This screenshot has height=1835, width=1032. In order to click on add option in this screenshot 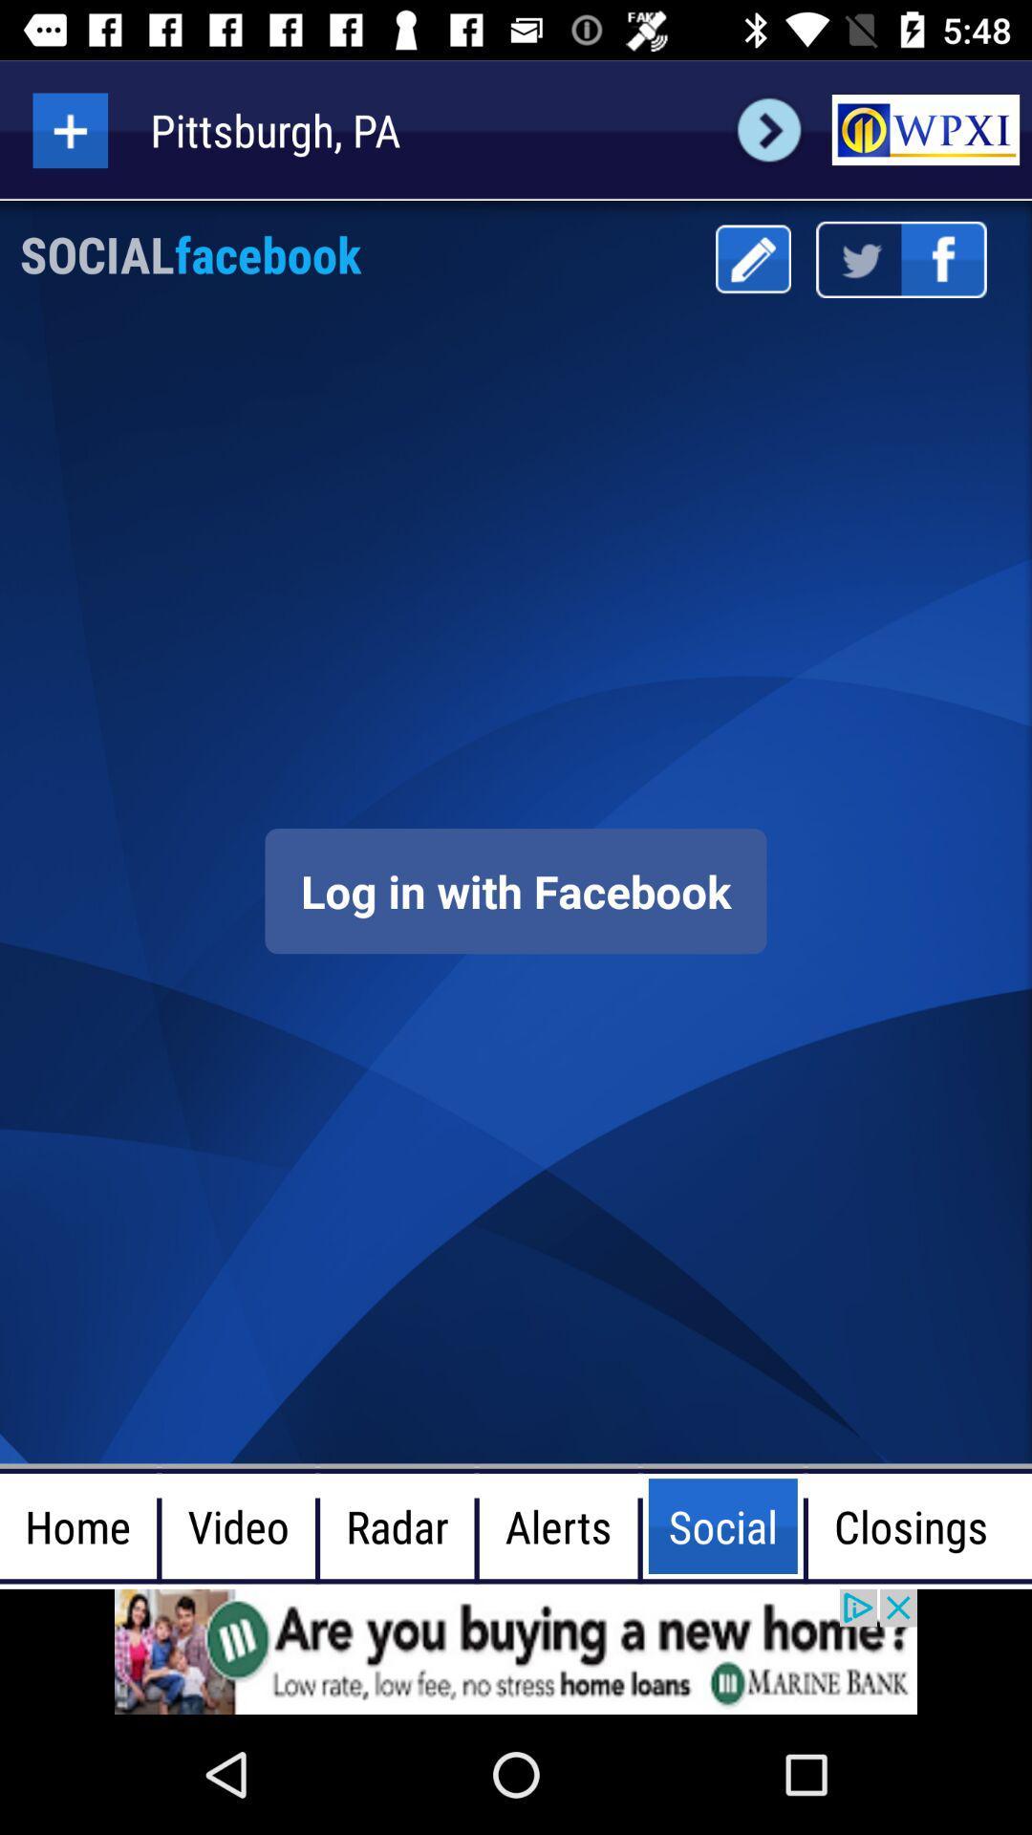, I will do `click(69, 129)`.